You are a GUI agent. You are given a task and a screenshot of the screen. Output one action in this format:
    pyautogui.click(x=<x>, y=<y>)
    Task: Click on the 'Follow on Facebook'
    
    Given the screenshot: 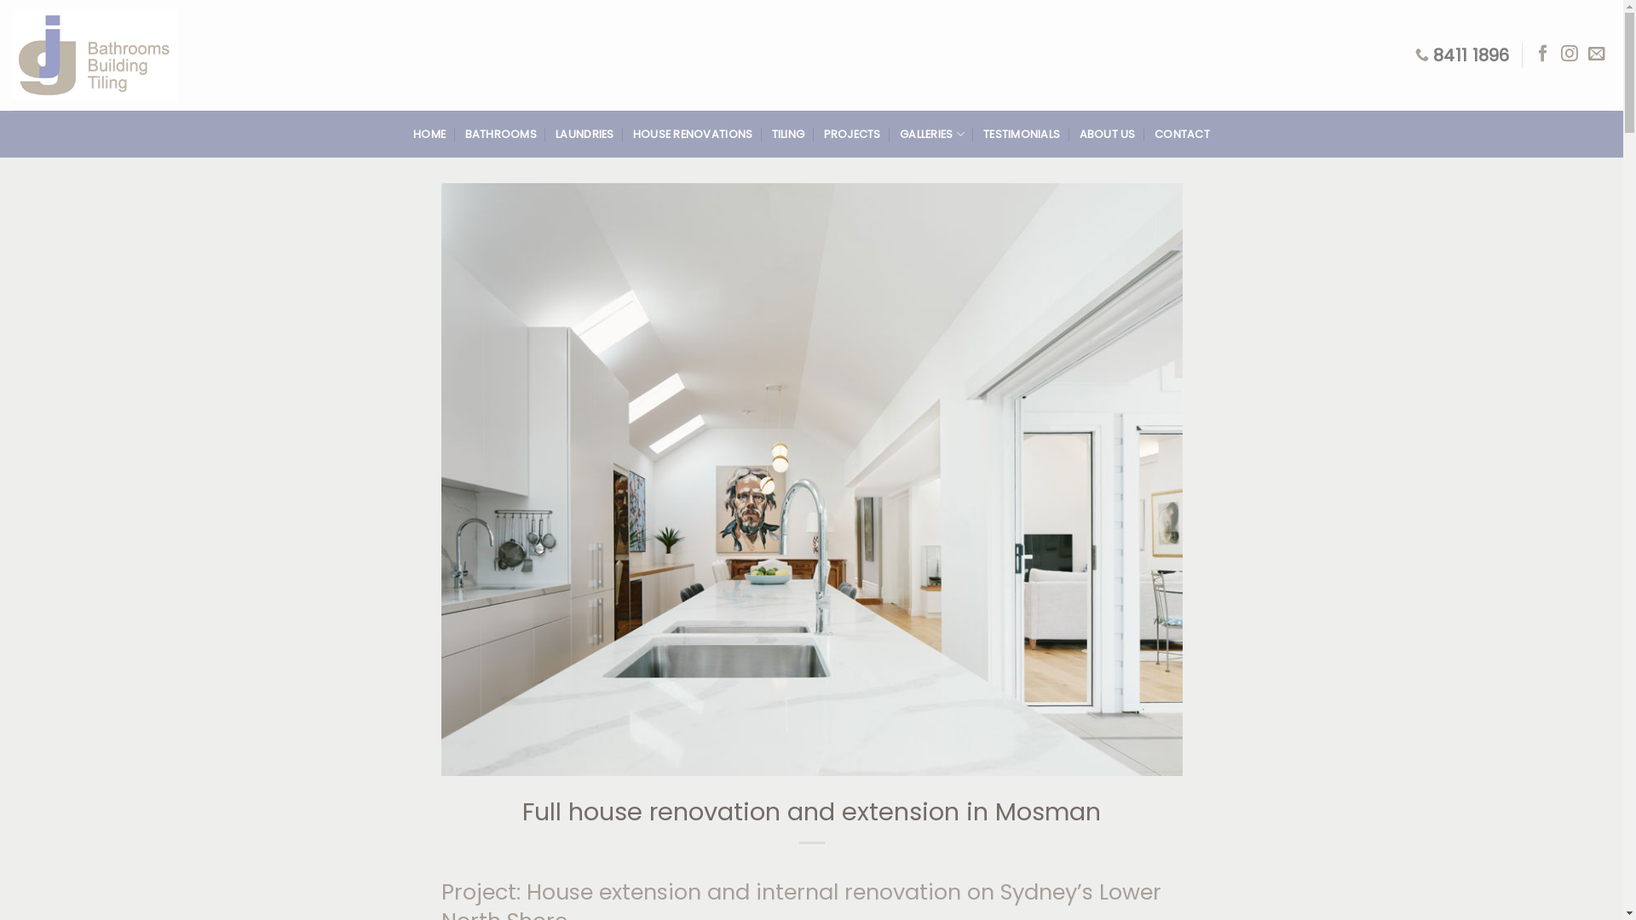 What is the action you would take?
    pyautogui.click(x=1534, y=54)
    